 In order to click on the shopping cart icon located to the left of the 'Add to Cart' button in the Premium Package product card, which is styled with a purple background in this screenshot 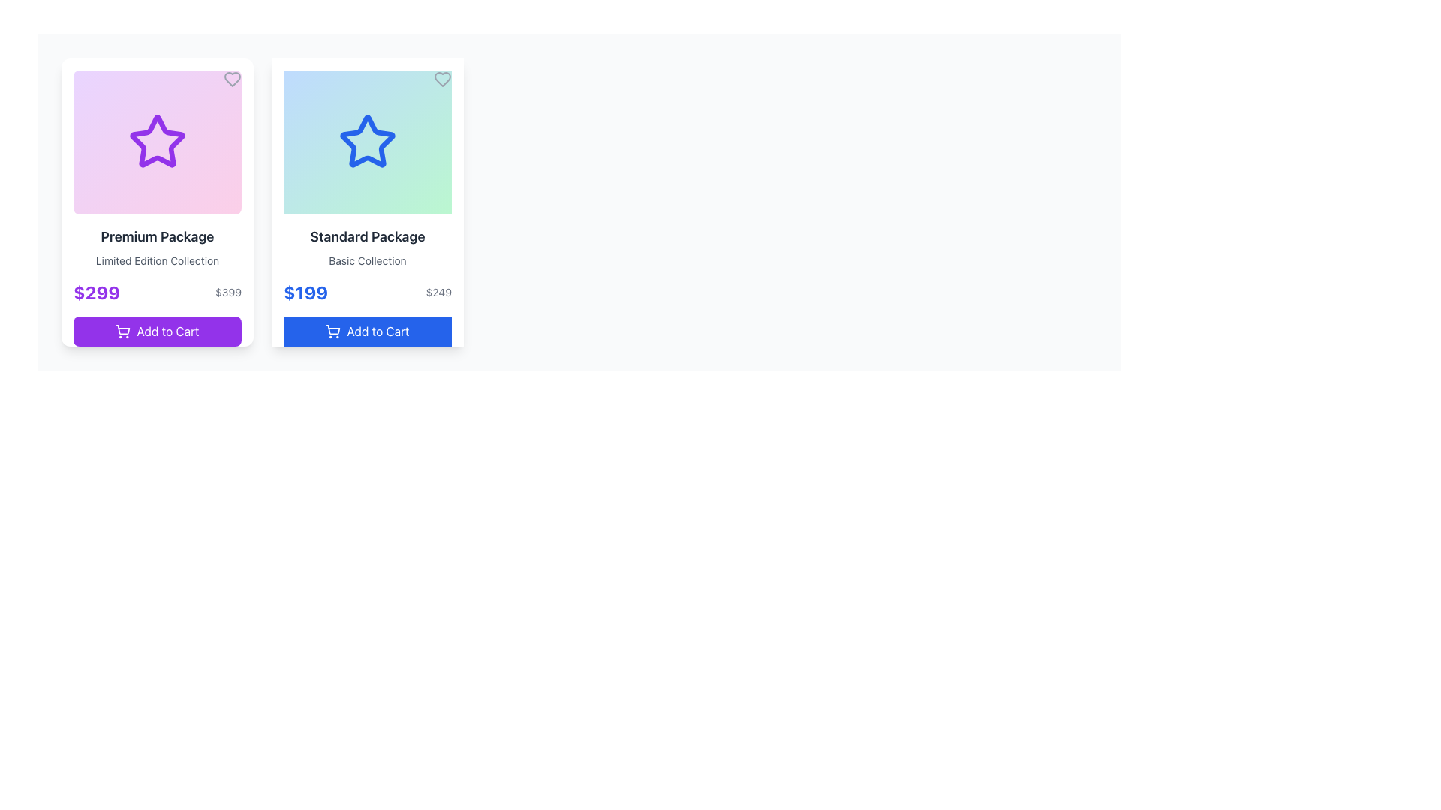, I will do `click(123, 331)`.